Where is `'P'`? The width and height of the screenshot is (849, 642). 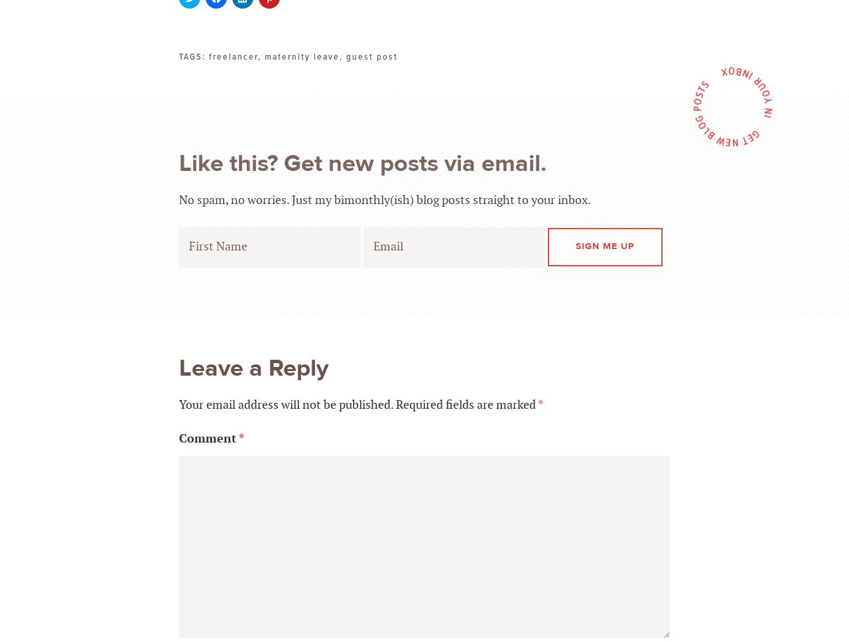
'P' is located at coordinates (696, 100).